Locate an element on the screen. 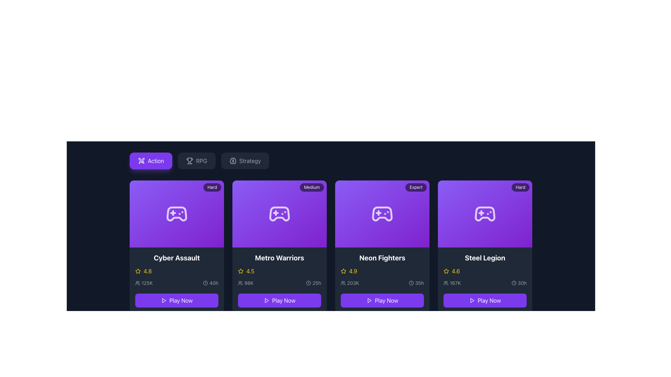 This screenshot has width=671, height=377. the displayed rating on the yellow star icon with the text '4.8' located under the title 'Cyber Assault' in the lower-middle section of the card is located at coordinates (176, 271).